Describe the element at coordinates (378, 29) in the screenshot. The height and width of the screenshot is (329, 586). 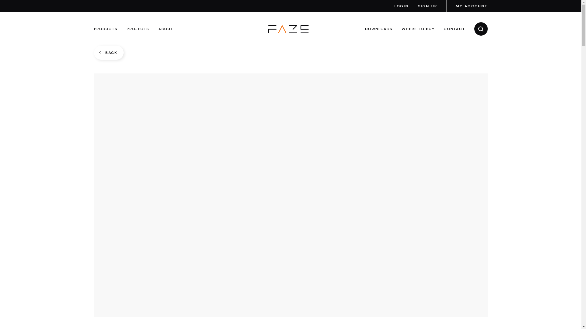
I see `'DOWNLOADS'` at that location.